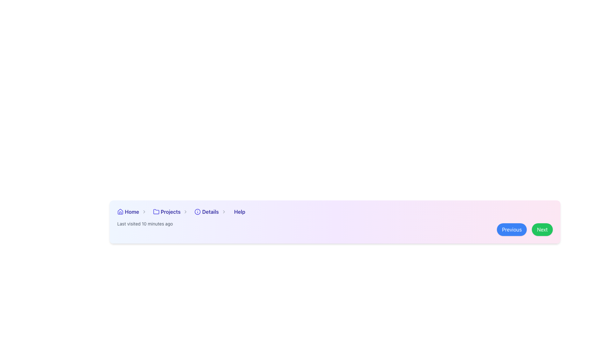 This screenshot has height=343, width=610. I want to click on the indigo folder icon located in the breadcrumb navigation section, positioned next to the 'Projects' item, so click(156, 212).